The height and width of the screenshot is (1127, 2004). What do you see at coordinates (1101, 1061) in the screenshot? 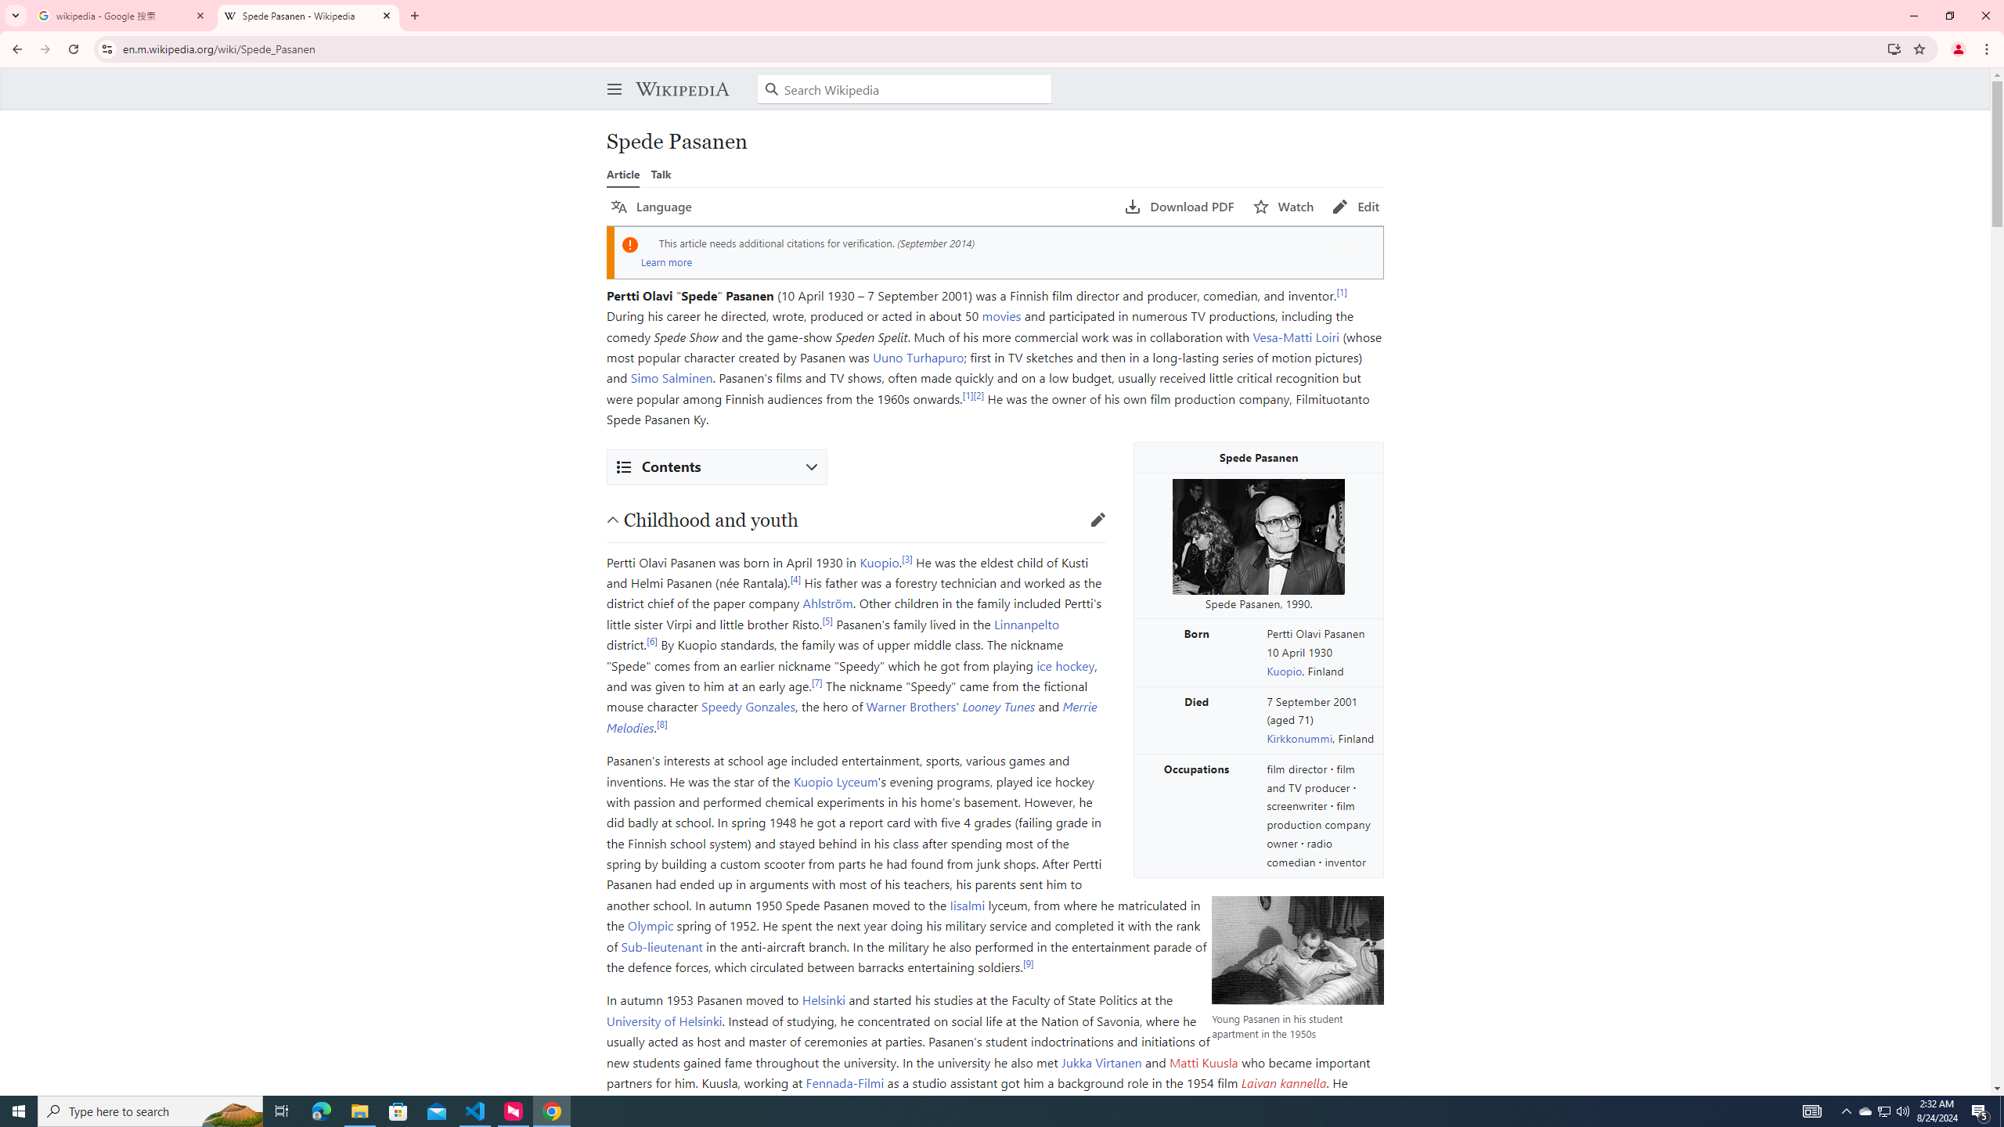
I see `'Jukka Virtanen'` at bounding box center [1101, 1061].